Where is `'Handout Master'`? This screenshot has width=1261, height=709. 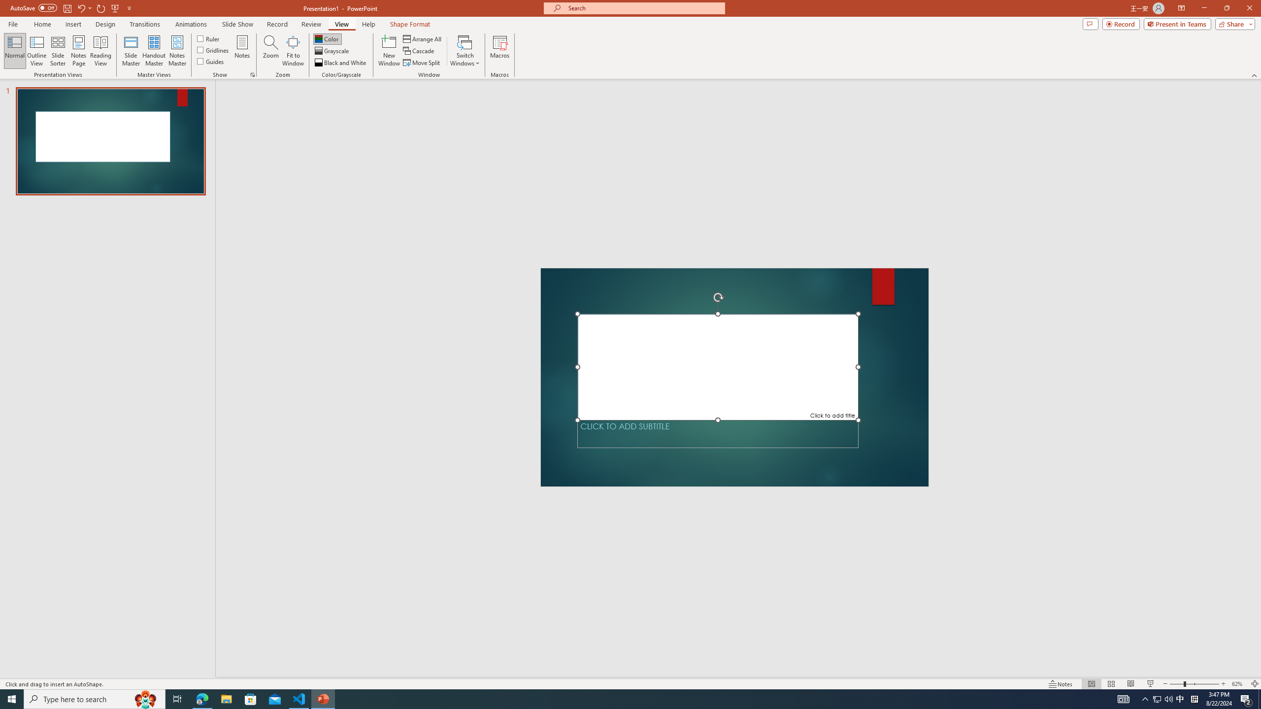
'Handout Master' is located at coordinates (153, 51).